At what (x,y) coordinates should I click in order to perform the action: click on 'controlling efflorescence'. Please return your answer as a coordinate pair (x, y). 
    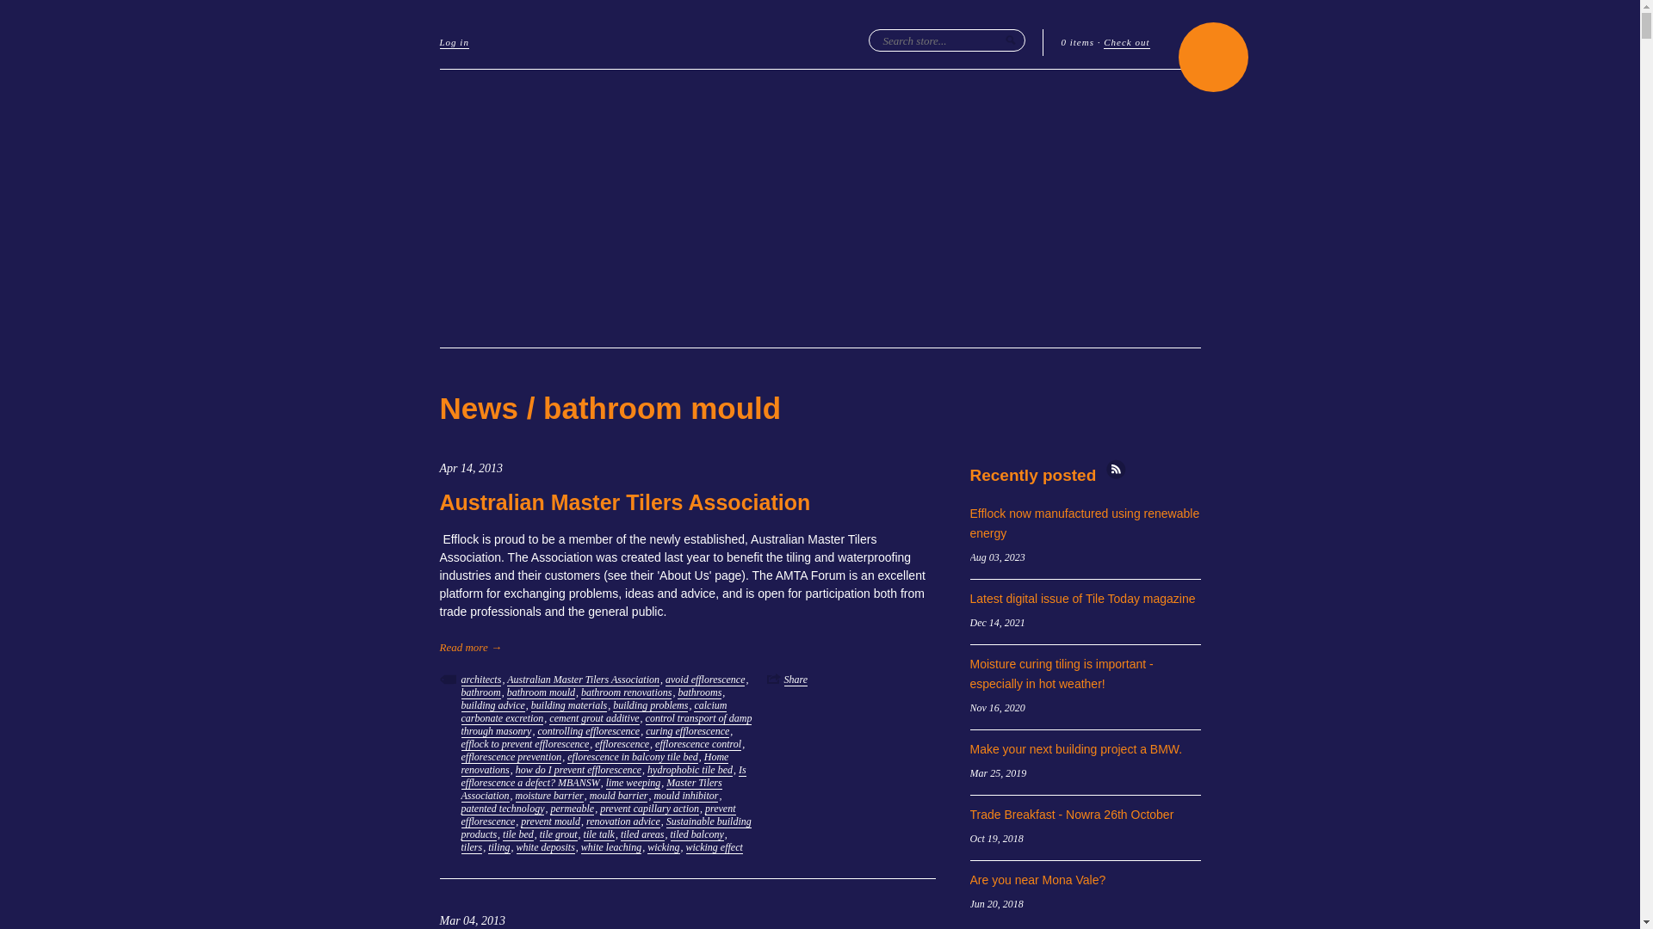
    Looking at the image, I should click on (588, 731).